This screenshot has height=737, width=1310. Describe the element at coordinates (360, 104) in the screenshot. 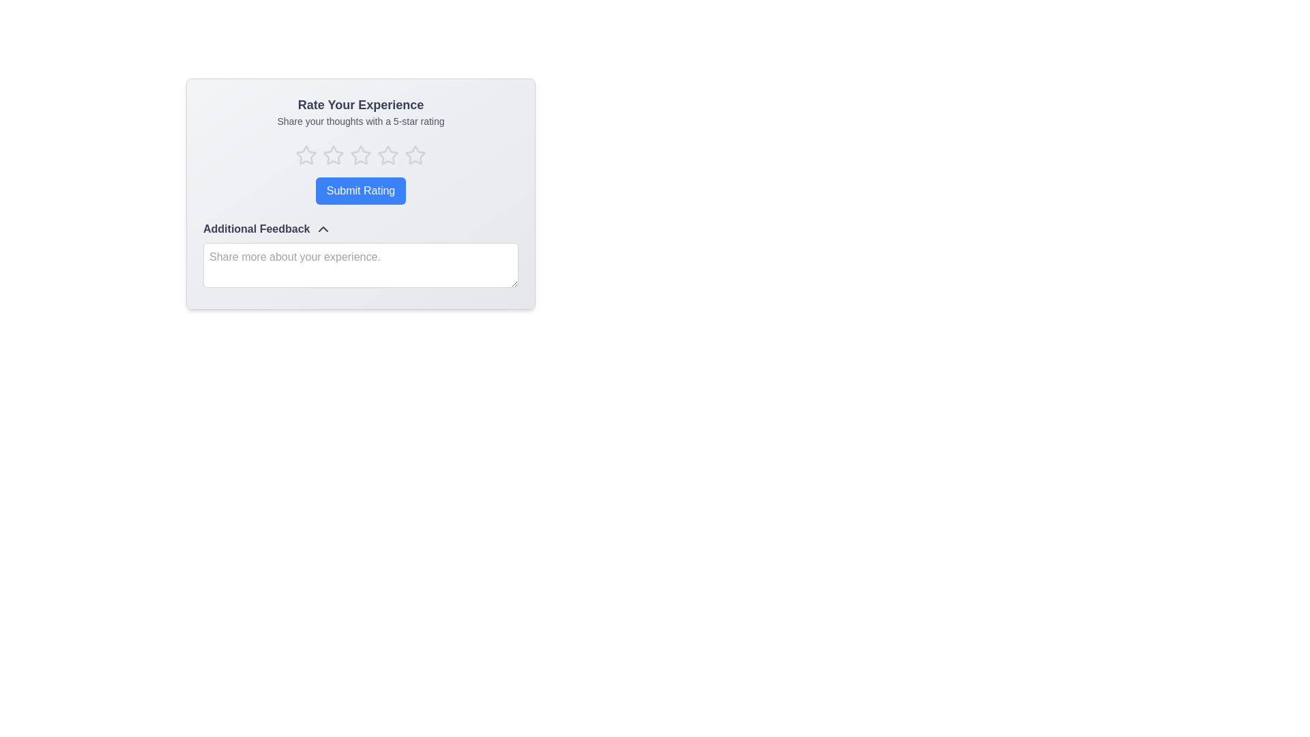

I see `the 'Rate Your Experience' text label, which is styled with a large bold font and displayed in dark gray on a light gray background, located at the top of a content card` at that location.